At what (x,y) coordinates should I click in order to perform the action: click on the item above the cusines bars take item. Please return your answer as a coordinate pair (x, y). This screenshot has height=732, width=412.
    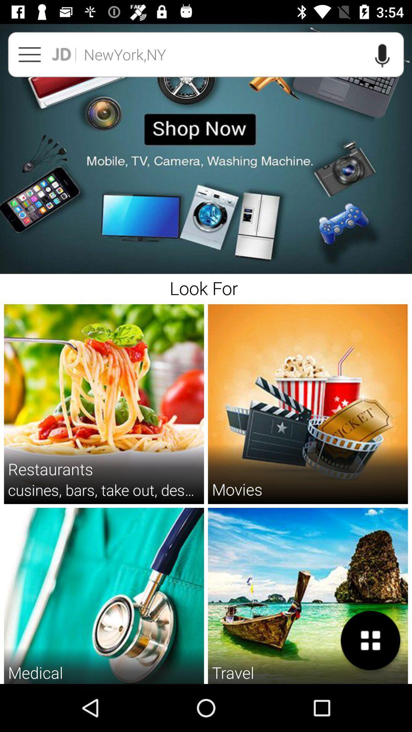
    Looking at the image, I should click on (50, 468).